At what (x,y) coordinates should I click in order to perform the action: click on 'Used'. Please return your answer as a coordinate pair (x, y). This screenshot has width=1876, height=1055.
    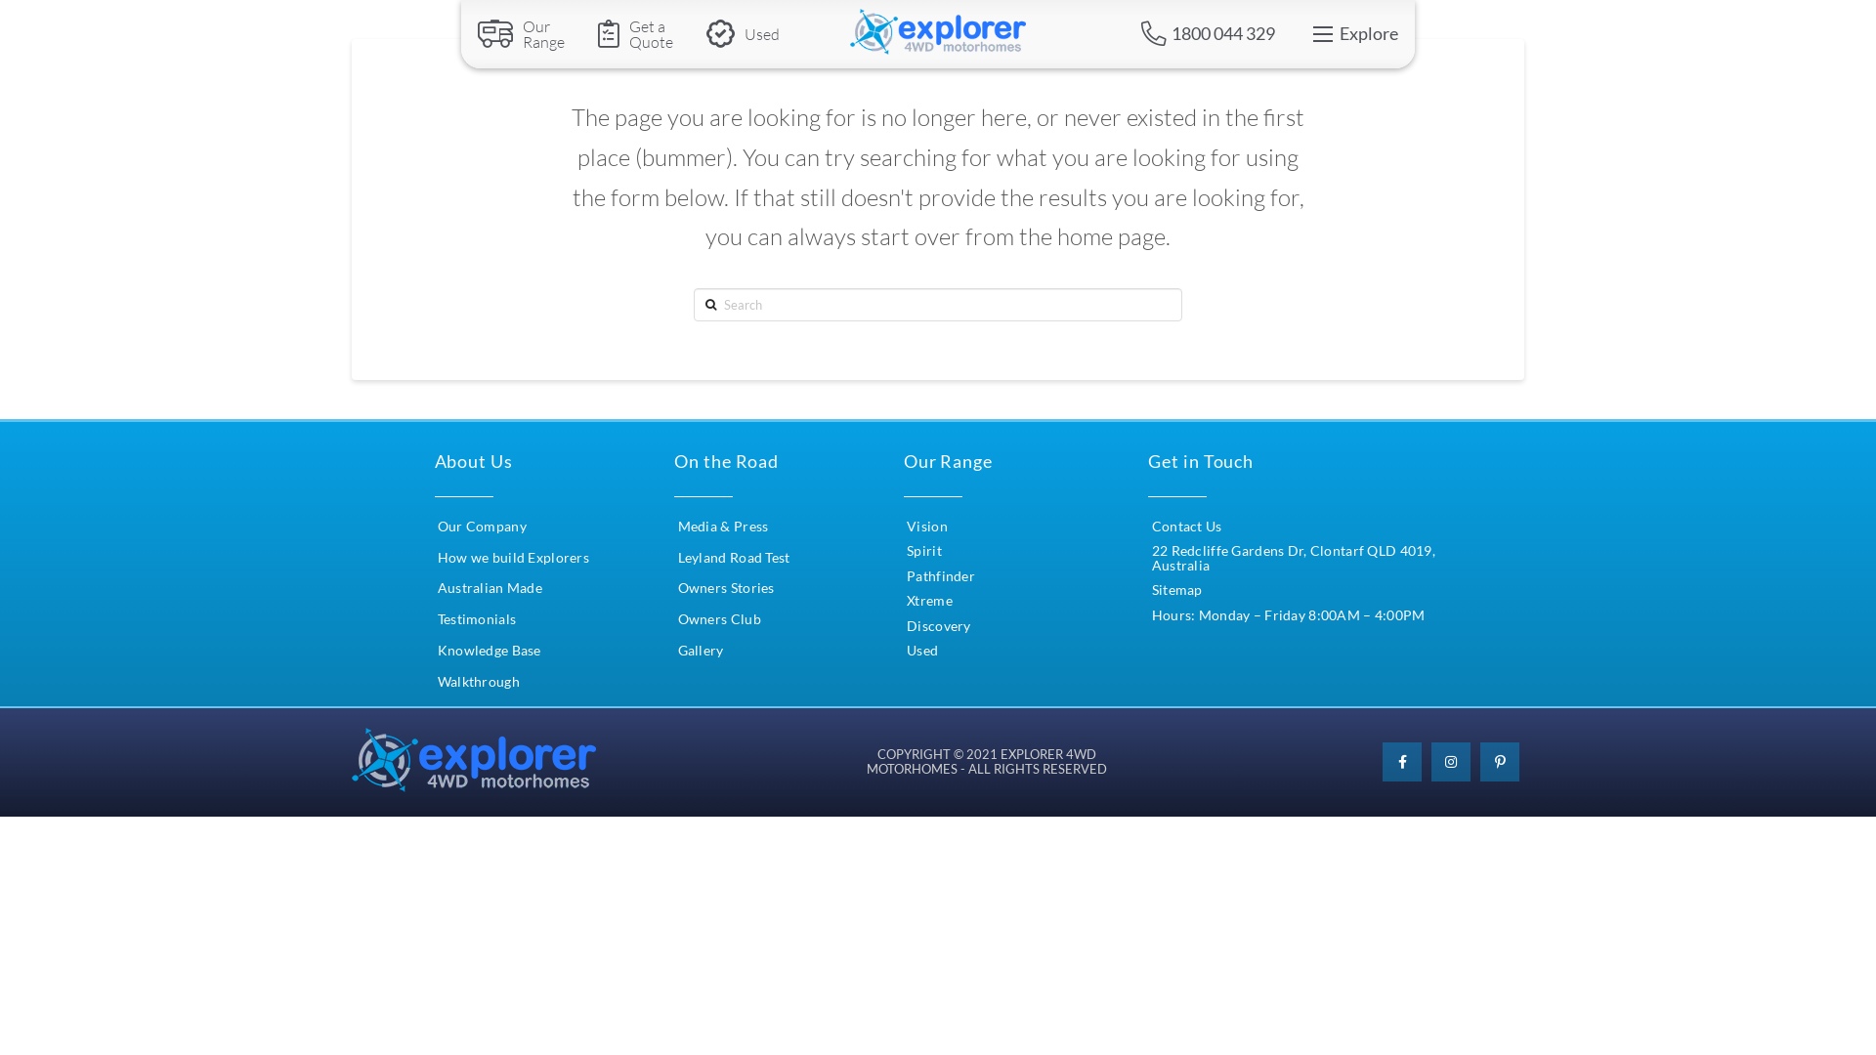
    Looking at the image, I should click on (742, 33).